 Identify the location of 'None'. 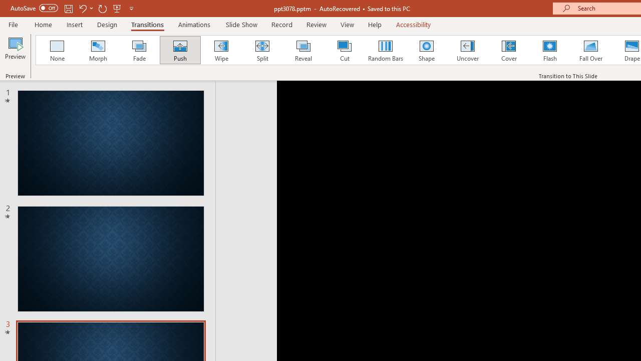
(56, 50).